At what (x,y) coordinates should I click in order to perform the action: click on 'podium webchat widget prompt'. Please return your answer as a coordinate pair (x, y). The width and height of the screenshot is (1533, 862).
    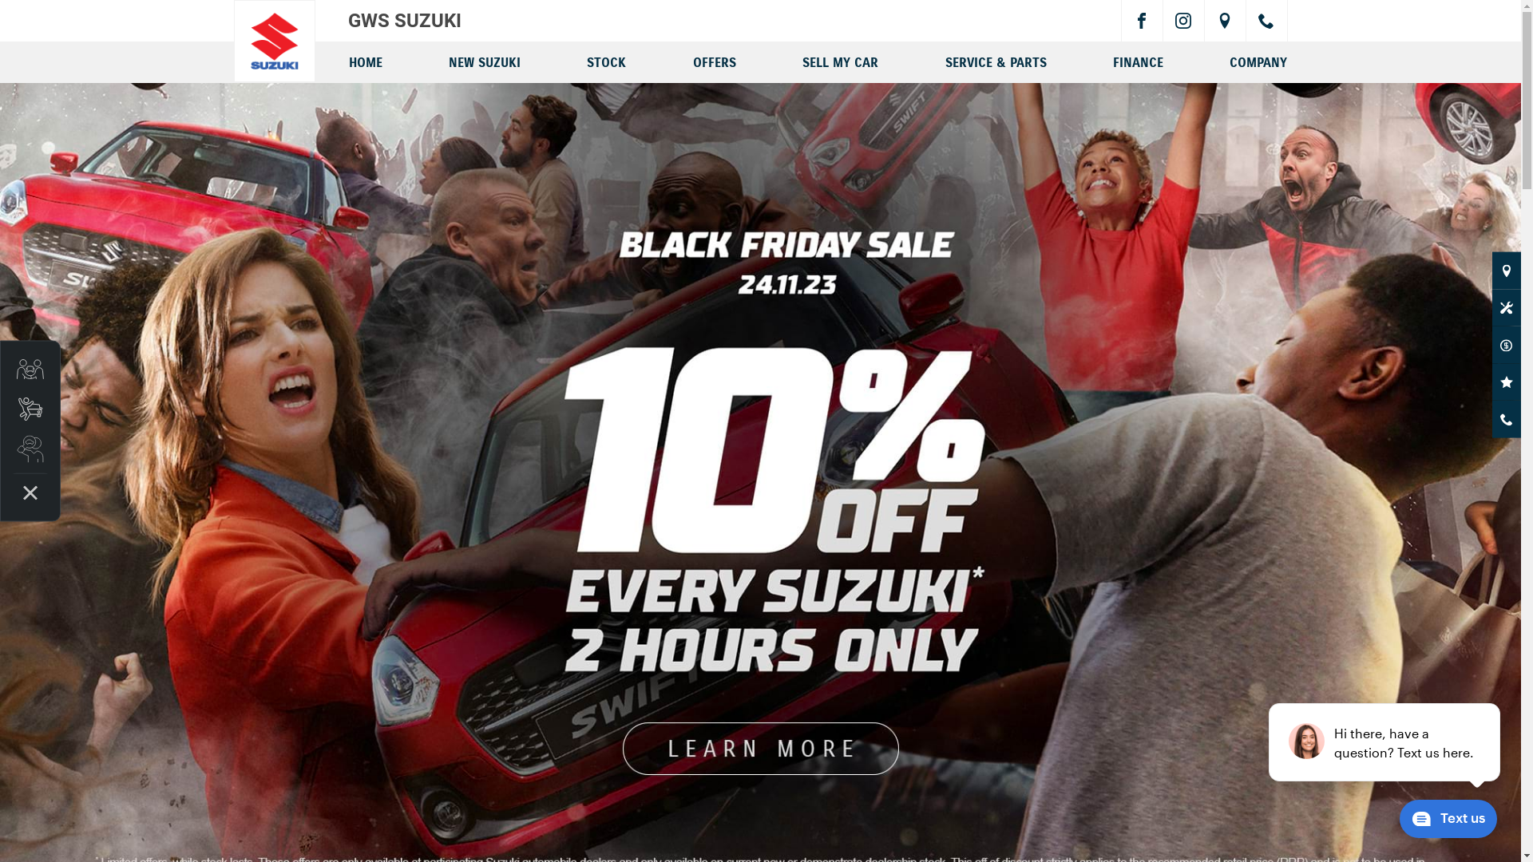
    Looking at the image, I should click on (1384, 741).